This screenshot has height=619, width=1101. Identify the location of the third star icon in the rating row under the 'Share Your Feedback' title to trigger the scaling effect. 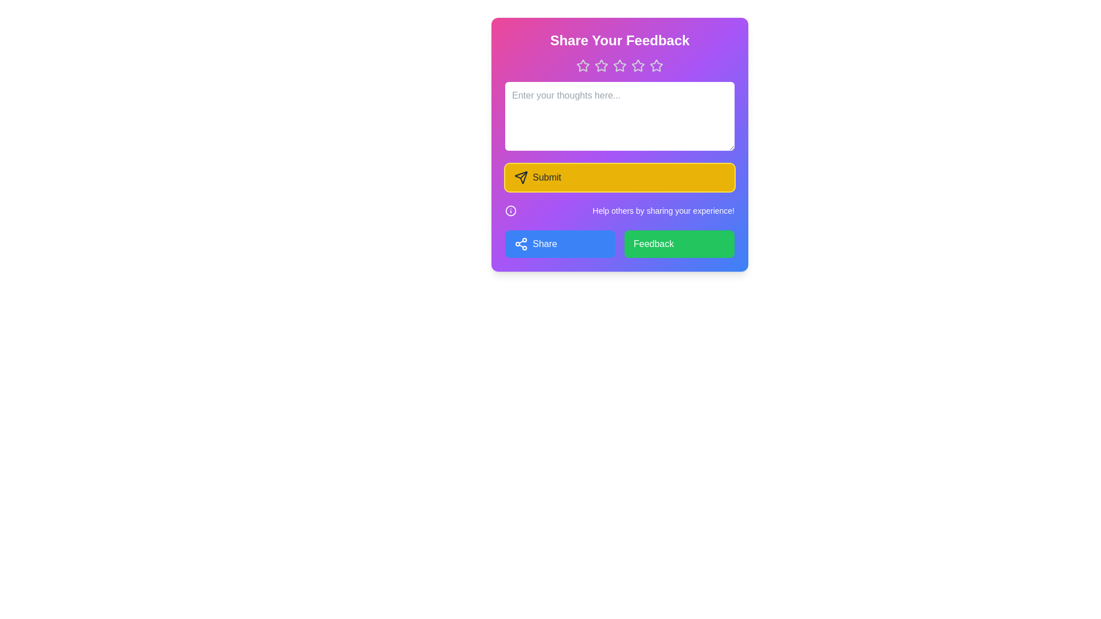
(619, 66).